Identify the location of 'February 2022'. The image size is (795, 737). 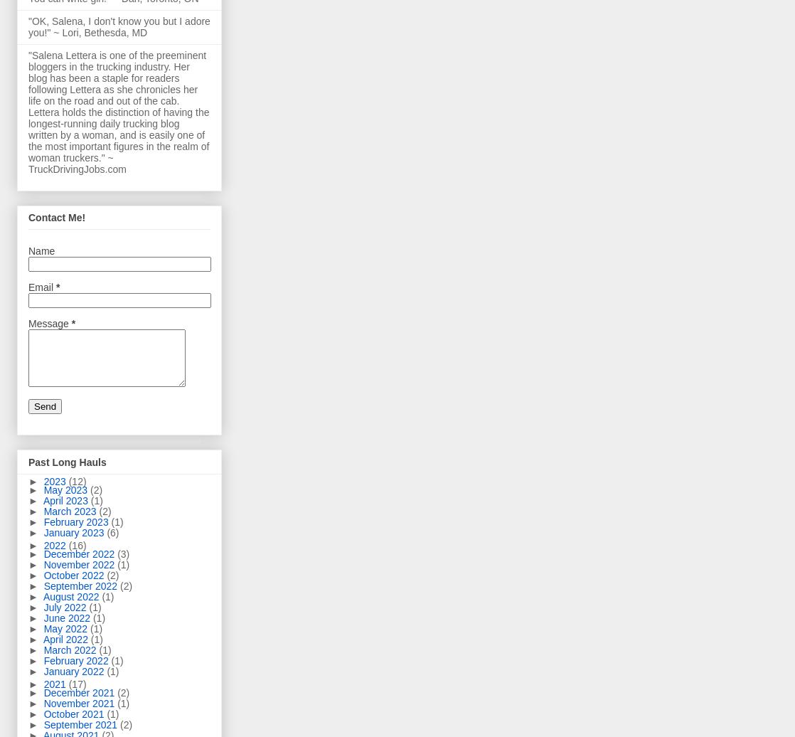
(77, 660).